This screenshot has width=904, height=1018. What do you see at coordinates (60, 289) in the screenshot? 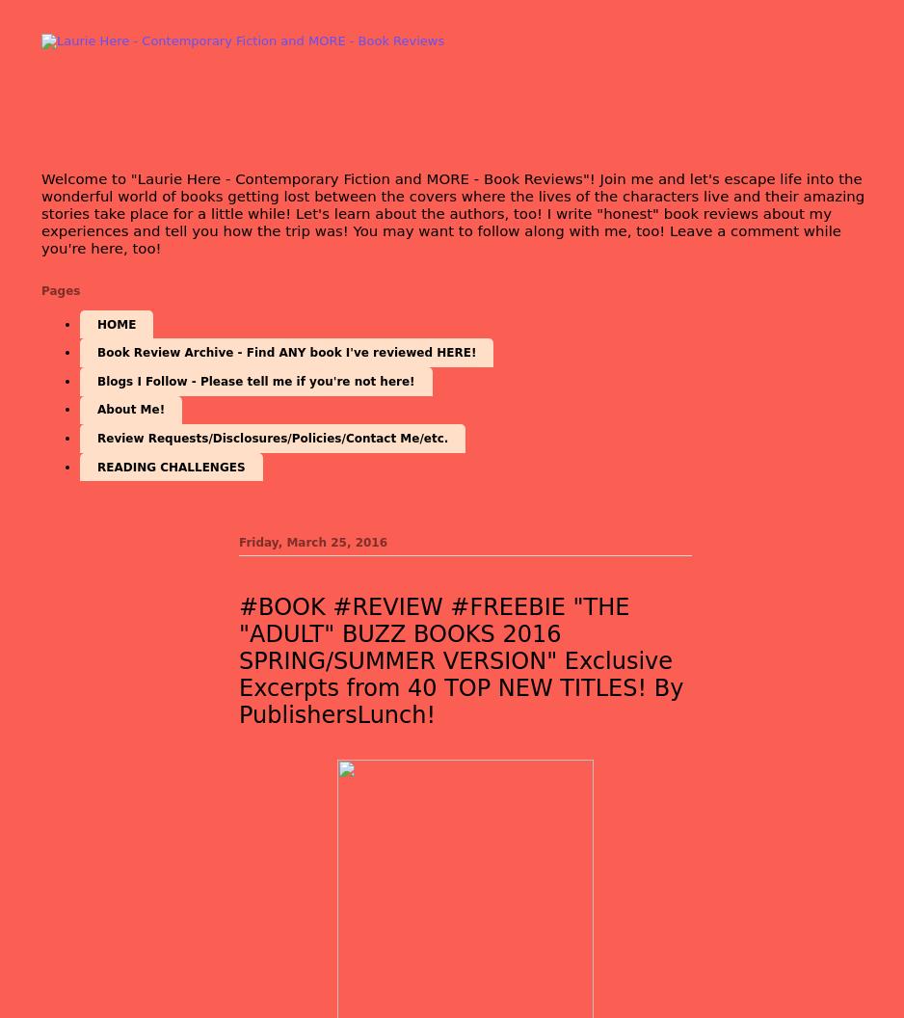
I see `'Pages'` at bounding box center [60, 289].